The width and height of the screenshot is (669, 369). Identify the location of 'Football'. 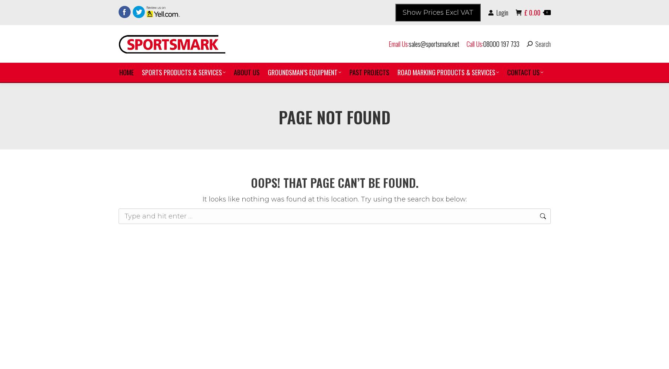
(161, 222).